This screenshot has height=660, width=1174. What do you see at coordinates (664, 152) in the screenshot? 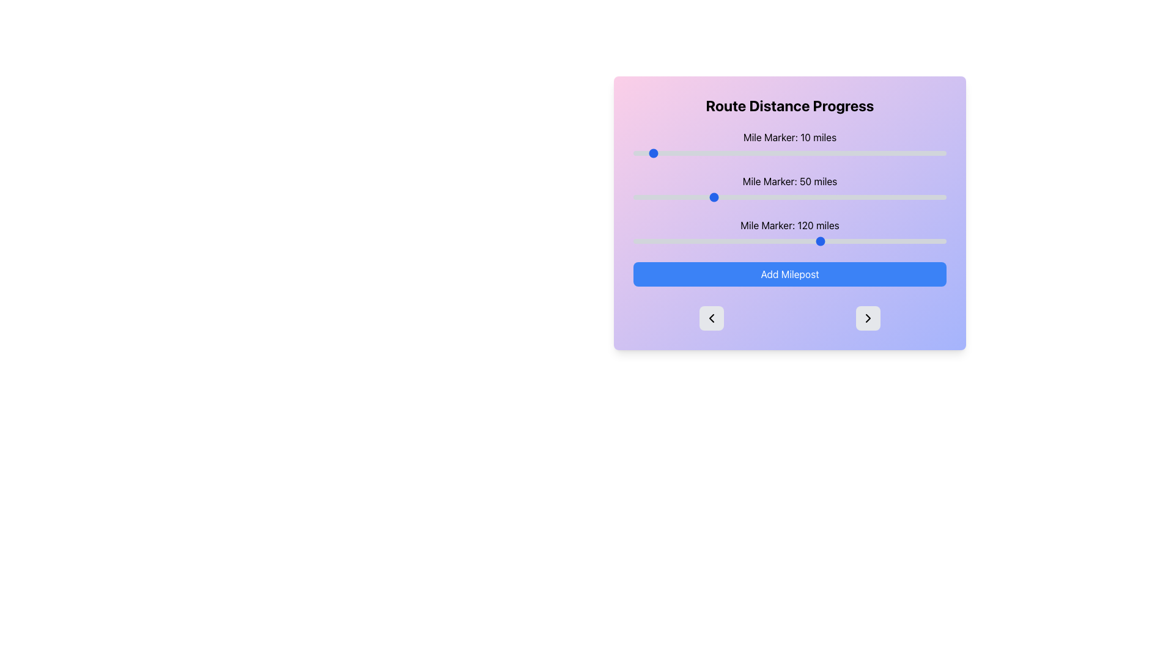
I see `the slider` at bounding box center [664, 152].